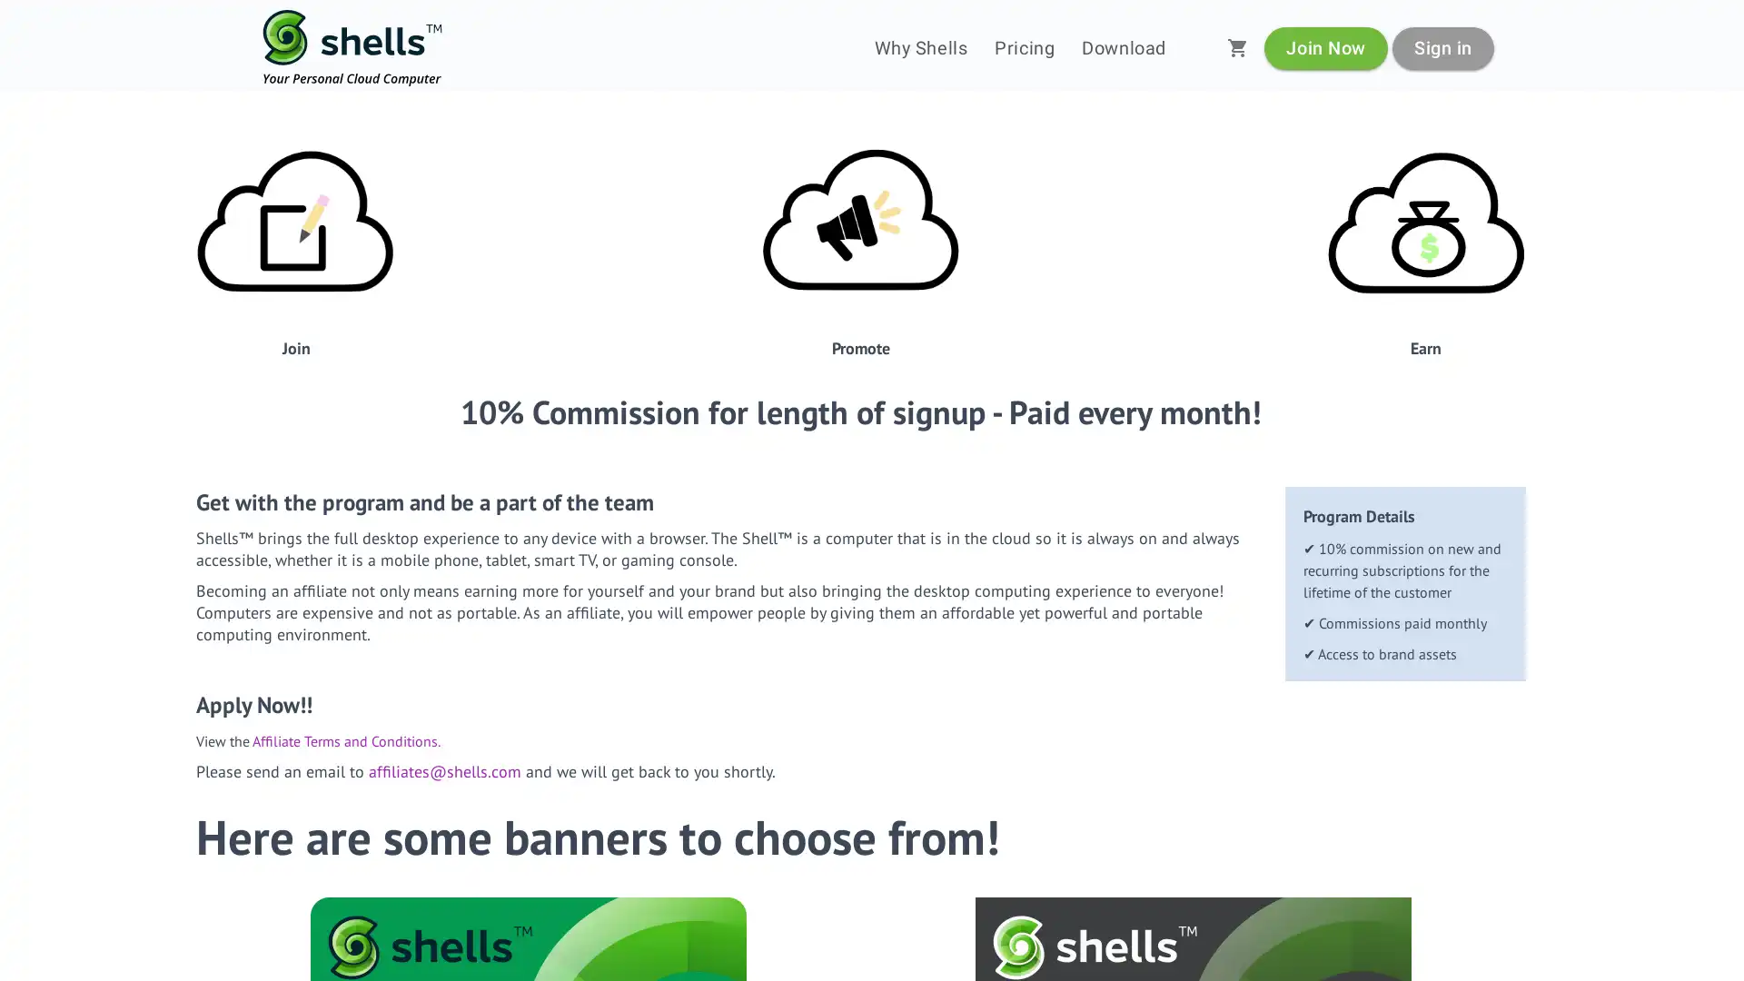  What do you see at coordinates (1325, 46) in the screenshot?
I see `Join Now` at bounding box center [1325, 46].